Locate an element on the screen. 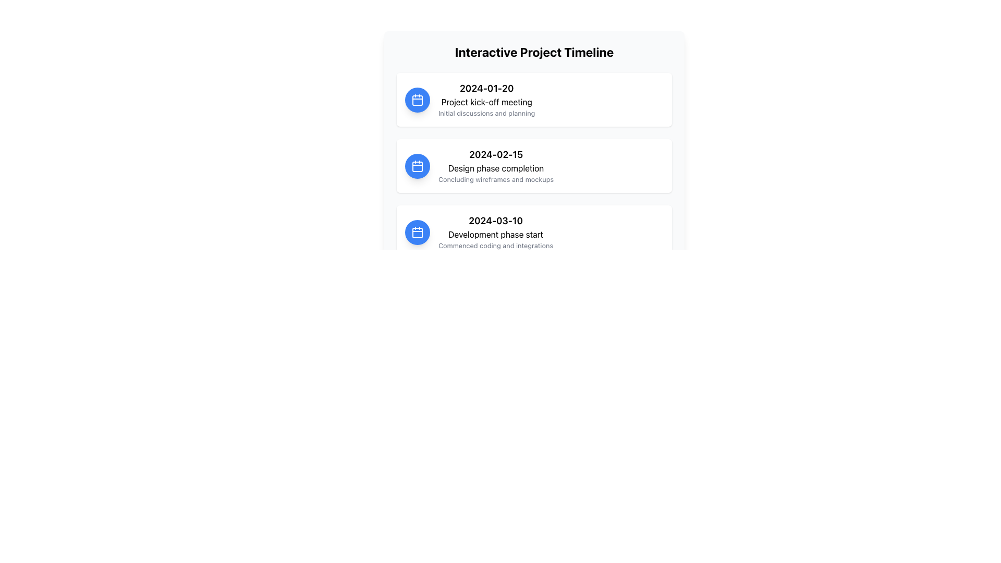 Image resolution: width=1001 pixels, height=563 pixels. the bold, black text displaying the date '2024-01-20' located in the first card under the 'Interactive Project Timeline' header is located at coordinates (486, 88).